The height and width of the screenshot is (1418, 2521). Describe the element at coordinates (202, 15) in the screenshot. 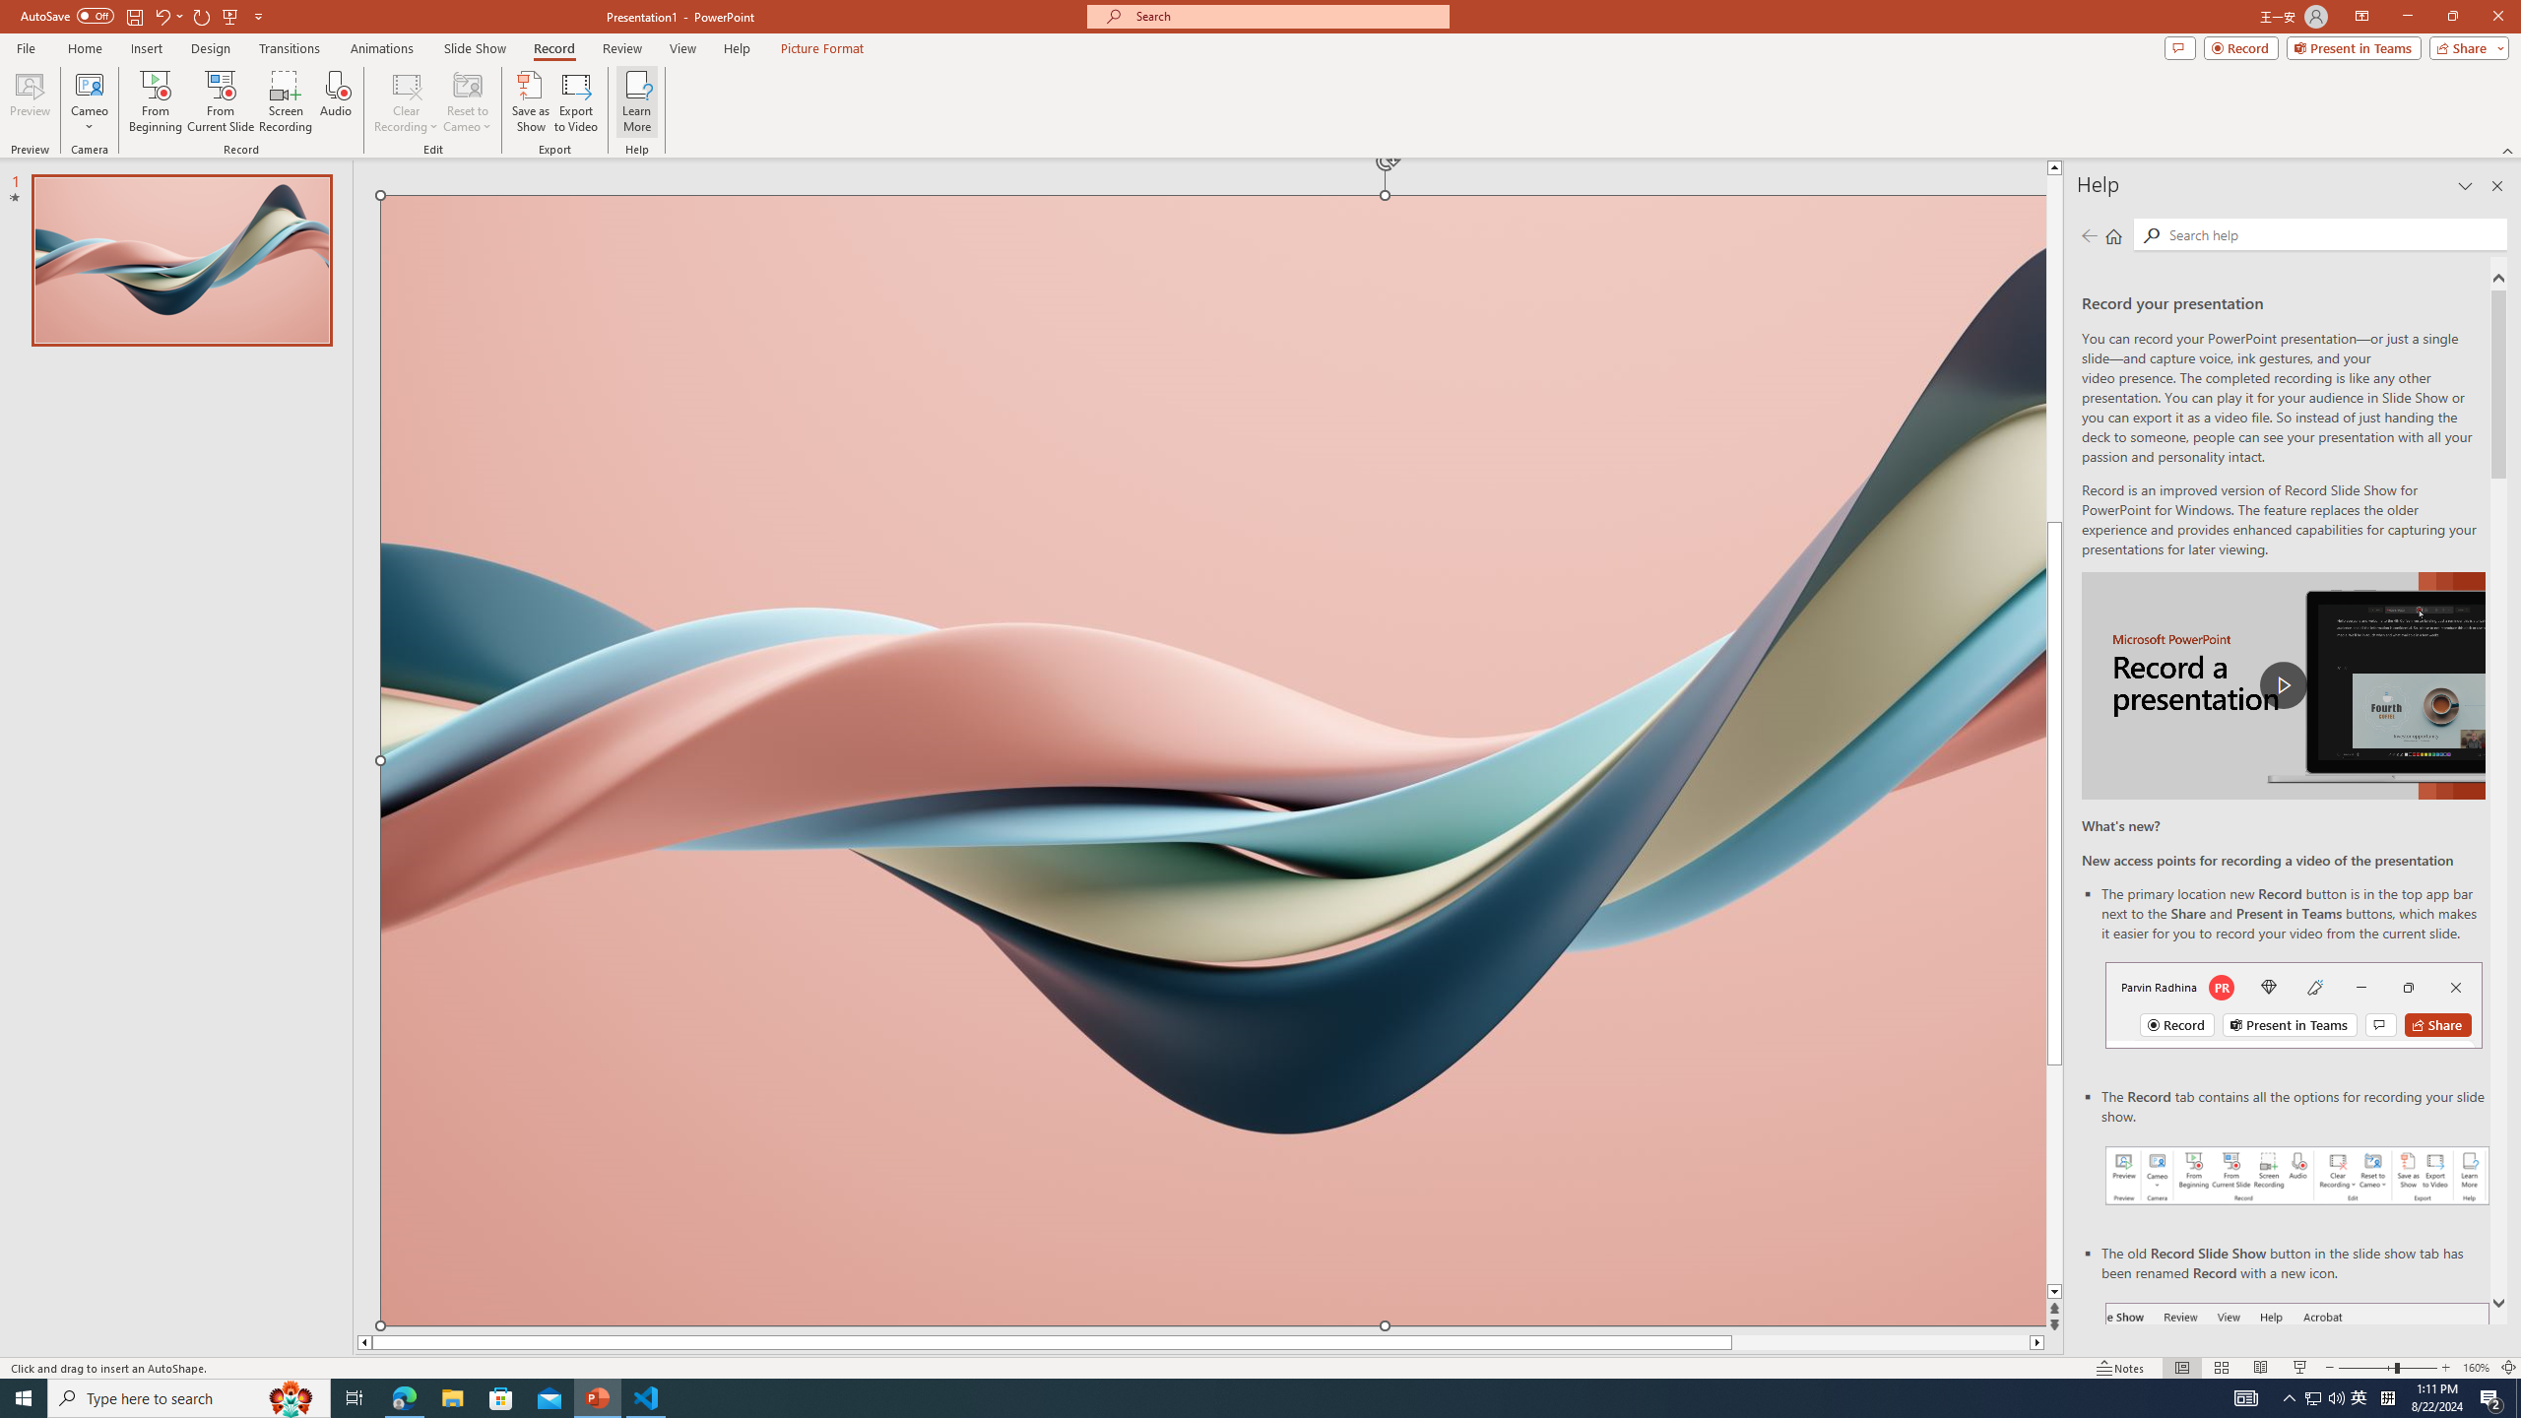

I see `'Redo'` at that location.